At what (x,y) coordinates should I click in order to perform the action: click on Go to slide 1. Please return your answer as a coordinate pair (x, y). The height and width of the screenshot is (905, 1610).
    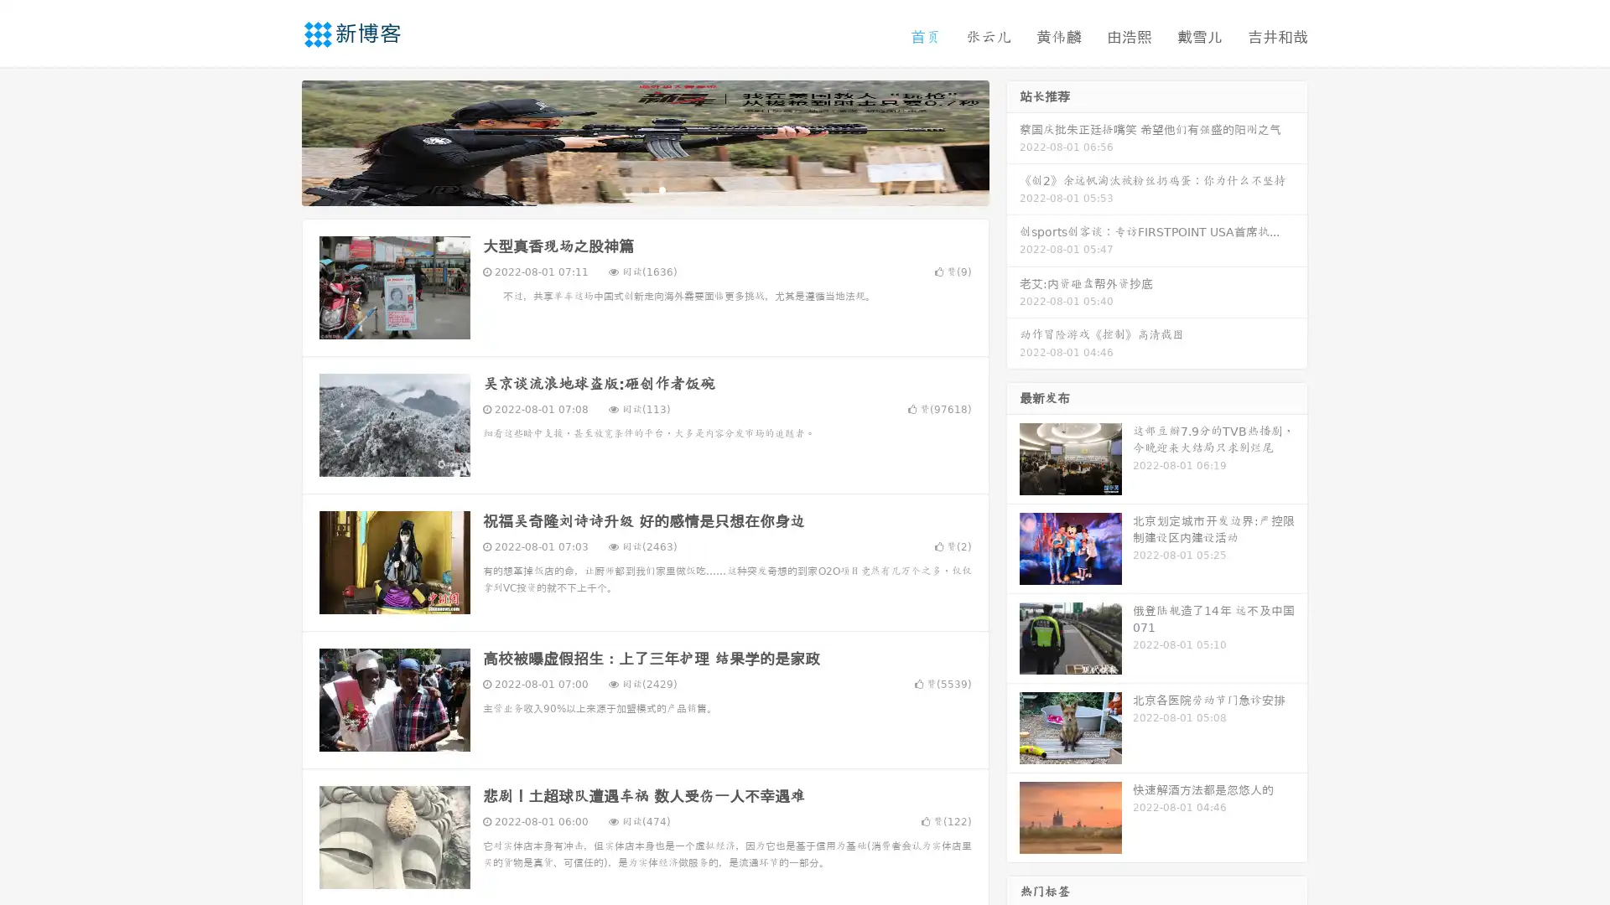
    Looking at the image, I should click on (627, 189).